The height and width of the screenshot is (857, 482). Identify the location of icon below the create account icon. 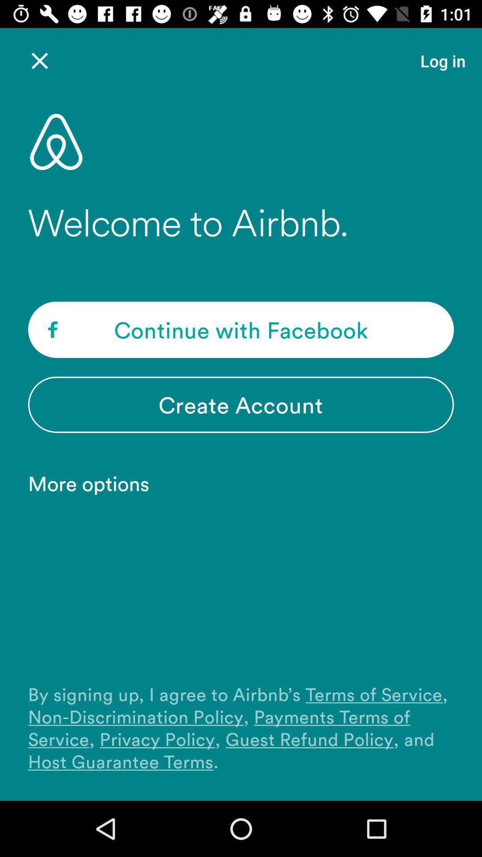
(93, 483).